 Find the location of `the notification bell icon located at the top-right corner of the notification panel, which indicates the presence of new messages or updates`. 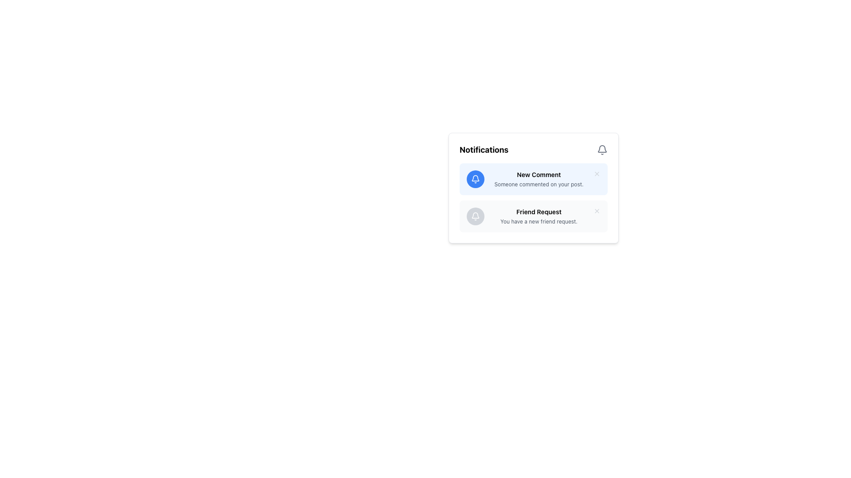

the notification bell icon located at the top-right corner of the notification panel, which indicates the presence of new messages or updates is located at coordinates (475, 178).